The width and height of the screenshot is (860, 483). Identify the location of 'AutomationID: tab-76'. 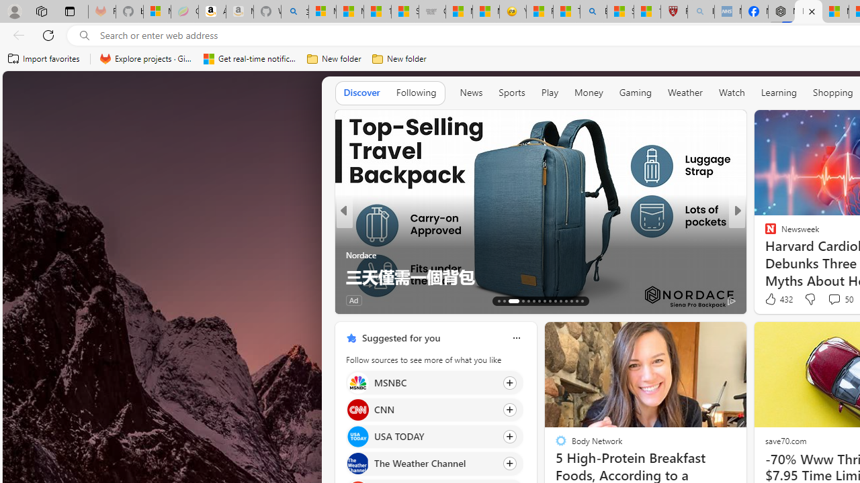
(560, 300).